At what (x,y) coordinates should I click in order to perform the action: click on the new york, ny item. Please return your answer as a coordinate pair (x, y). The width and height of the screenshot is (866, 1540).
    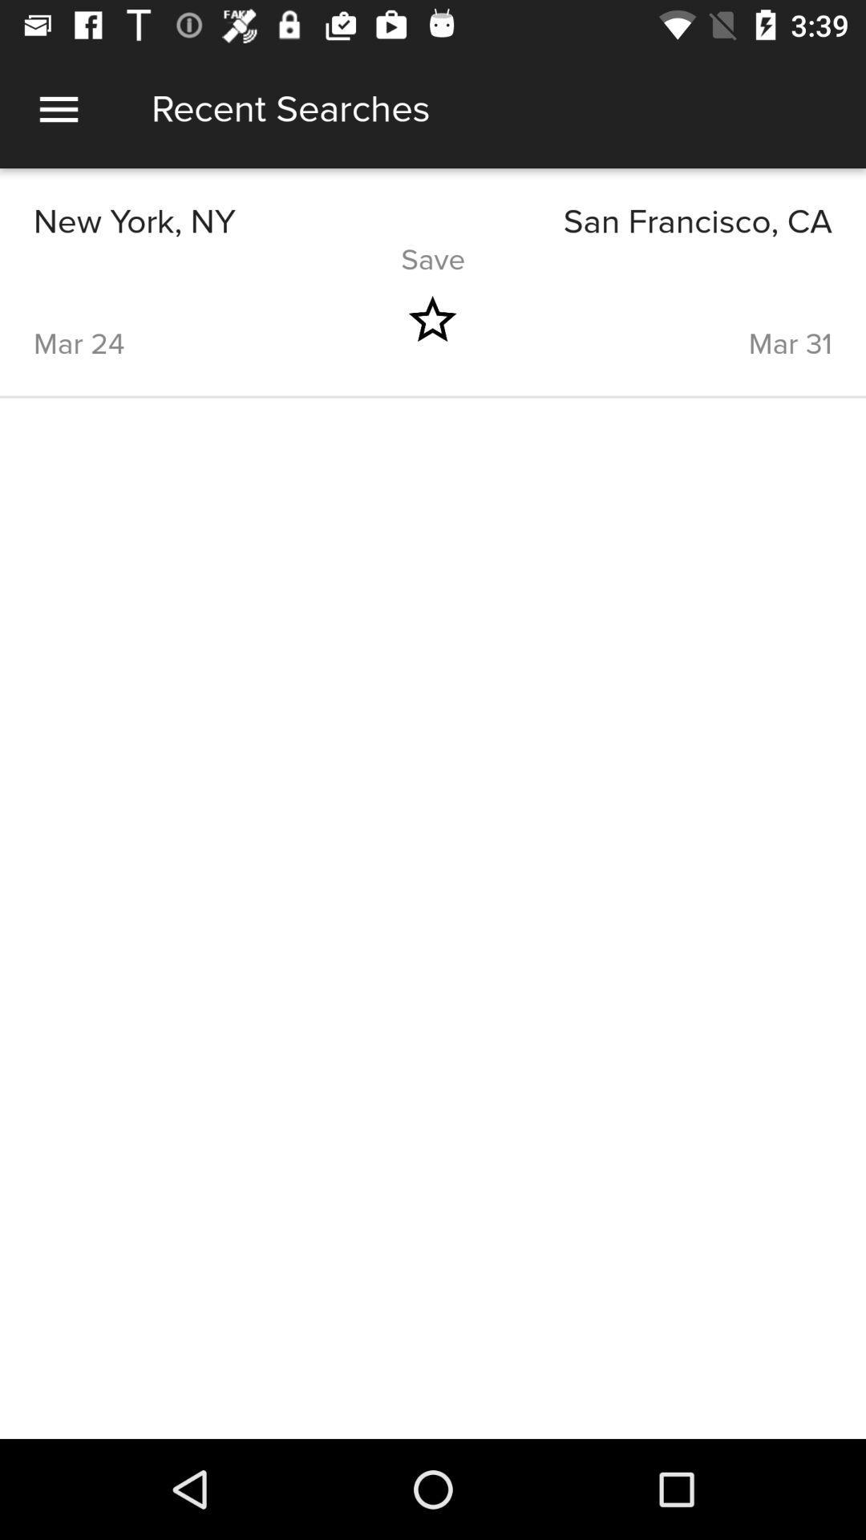
    Looking at the image, I should click on (233, 221).